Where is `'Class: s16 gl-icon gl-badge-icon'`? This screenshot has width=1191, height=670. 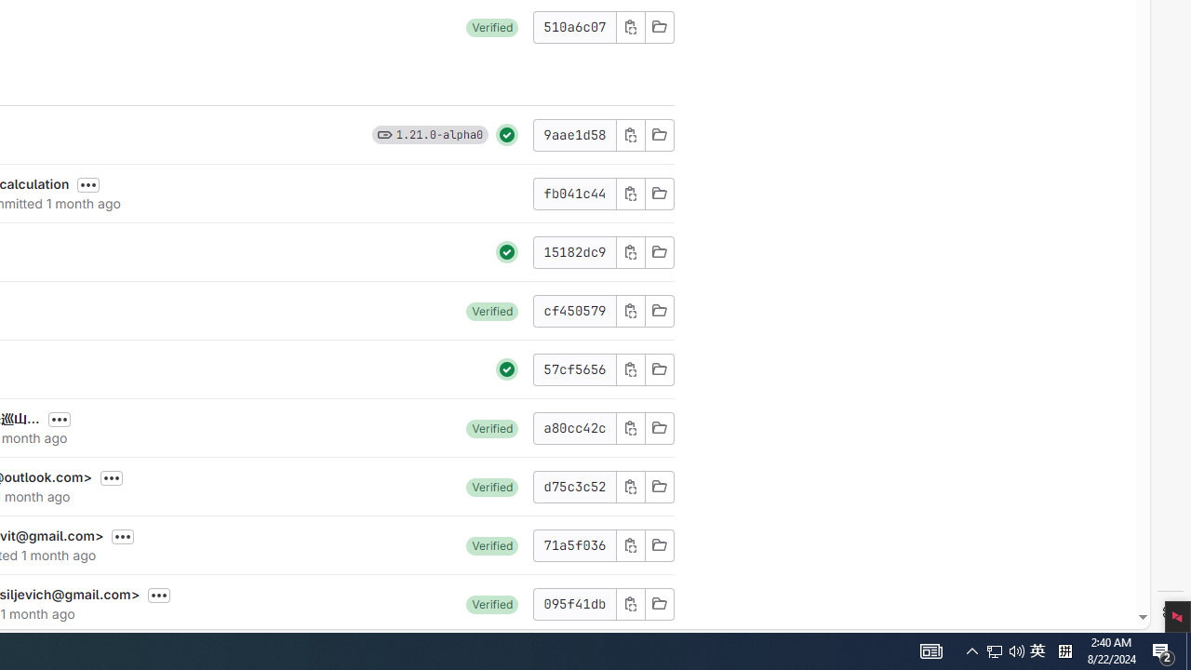
'Class: s16 gl-icon gl-badge-icon' is located at coordinates (383, 133).